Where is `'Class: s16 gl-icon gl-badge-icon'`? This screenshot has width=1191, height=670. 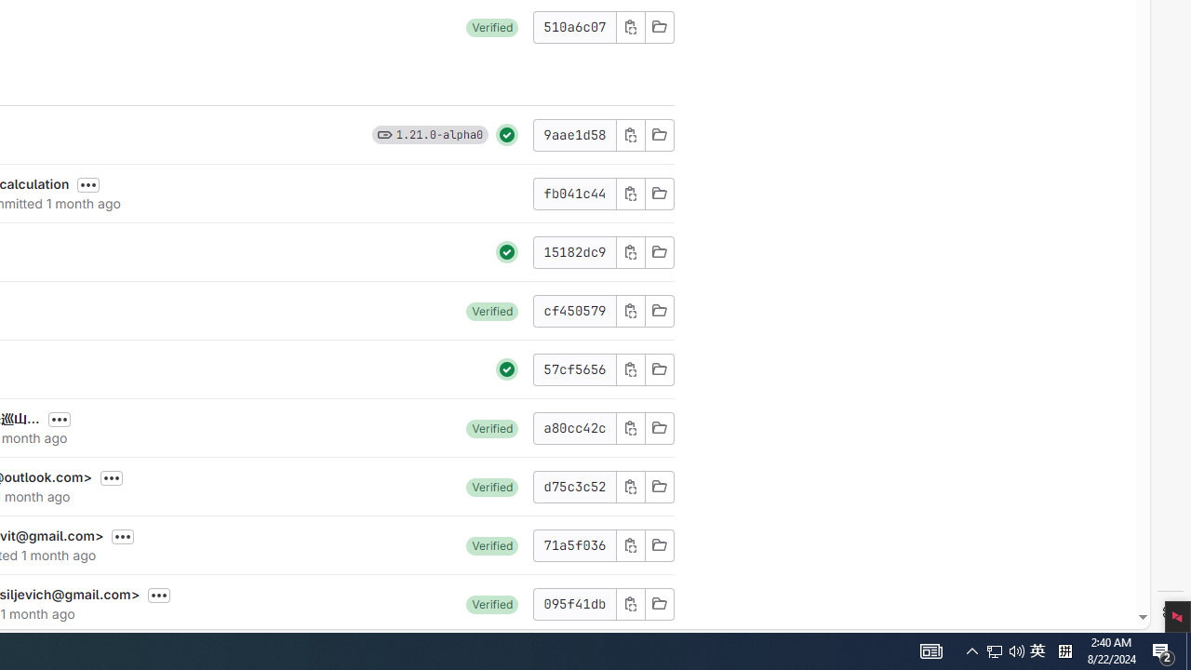
'Class: s16 gl-icon gl-badge-icon' is located at coordinates (383, 133).